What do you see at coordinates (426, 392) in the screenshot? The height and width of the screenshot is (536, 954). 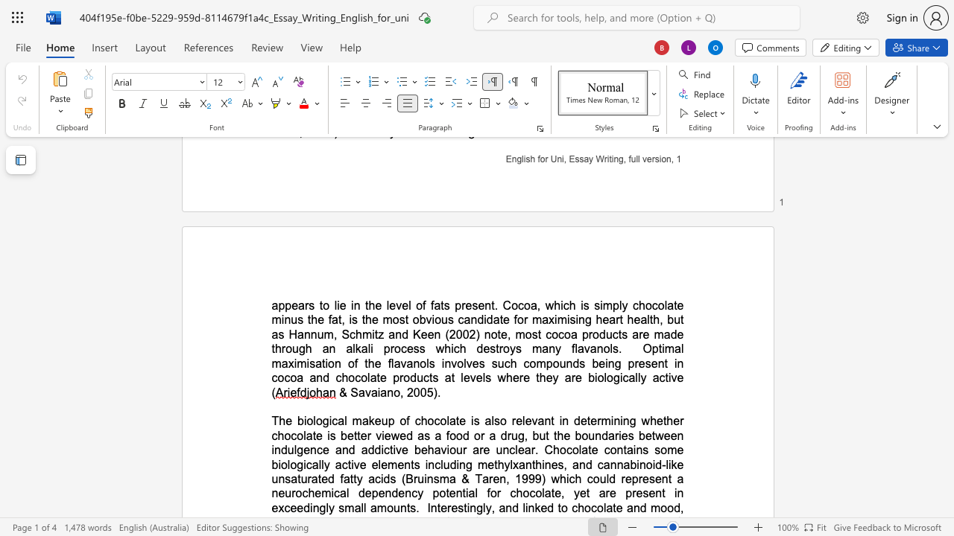 I see `the space between the continuous character "0" and "5" in the text` at bounding box center [426, 392].